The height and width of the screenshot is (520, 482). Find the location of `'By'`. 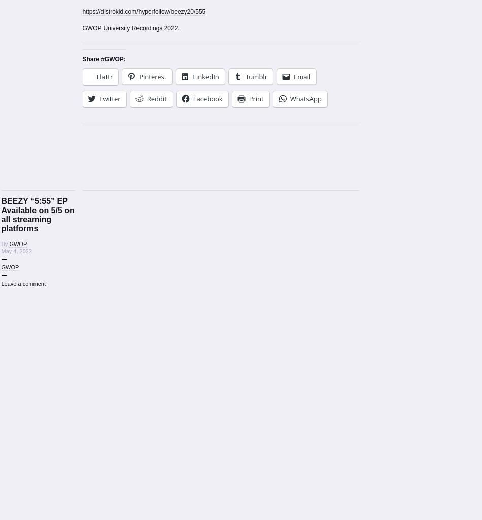

'By' is located at coordinates (5, 244).